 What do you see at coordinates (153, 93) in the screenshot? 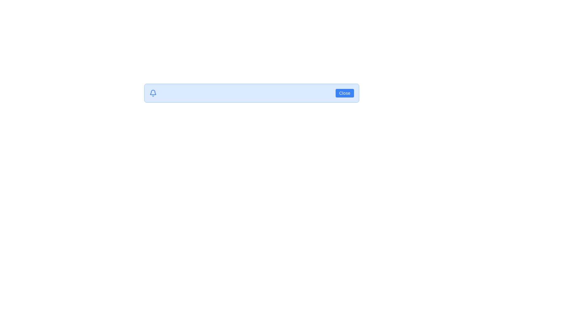
I see `the blue bell icon located at the left edge of the blue notification box` at bounding box center [153, 93].